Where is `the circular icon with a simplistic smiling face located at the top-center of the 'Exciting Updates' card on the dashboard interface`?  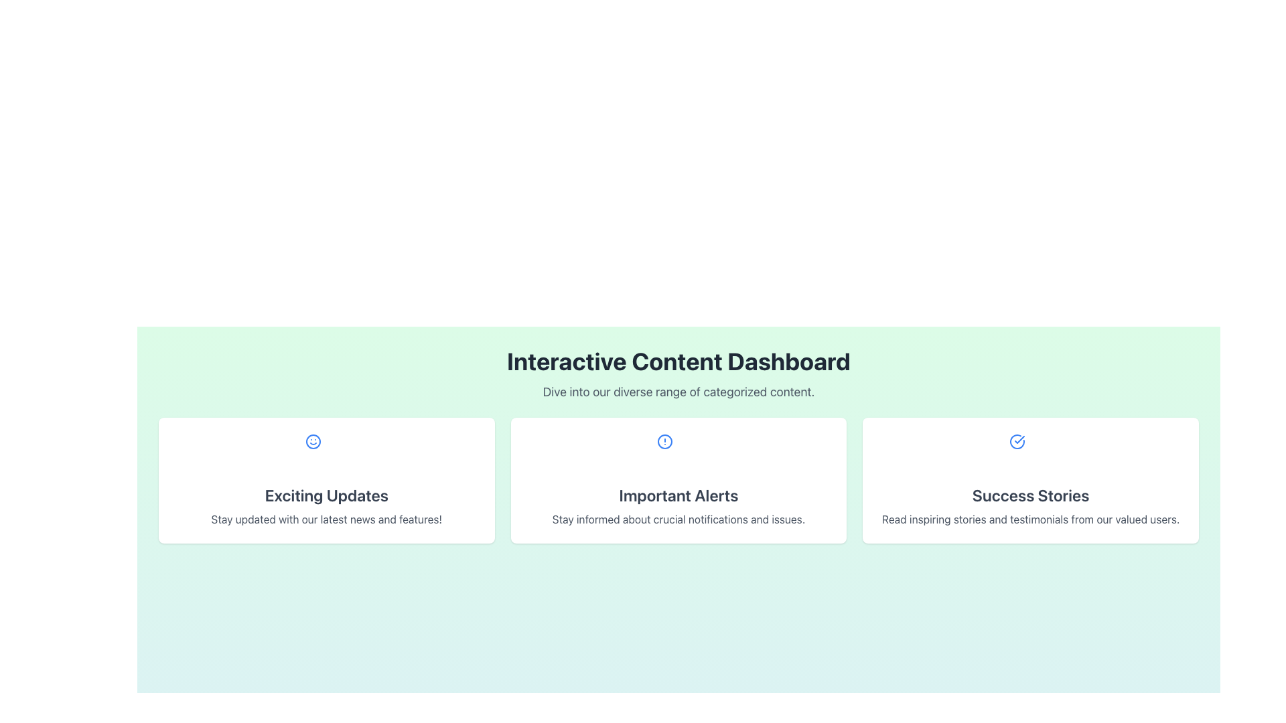
the circular icon with a simplistic smiling face located at the top-center of the 'Exciting Updates' card on the dashboard interface is located at coordinates (312, 441).